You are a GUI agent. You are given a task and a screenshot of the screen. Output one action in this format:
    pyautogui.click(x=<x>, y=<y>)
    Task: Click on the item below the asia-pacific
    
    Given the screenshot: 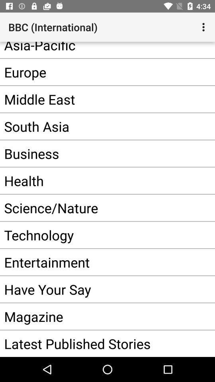 What is the action you would take?
    pyautogui.click(x=95, y=72)
    